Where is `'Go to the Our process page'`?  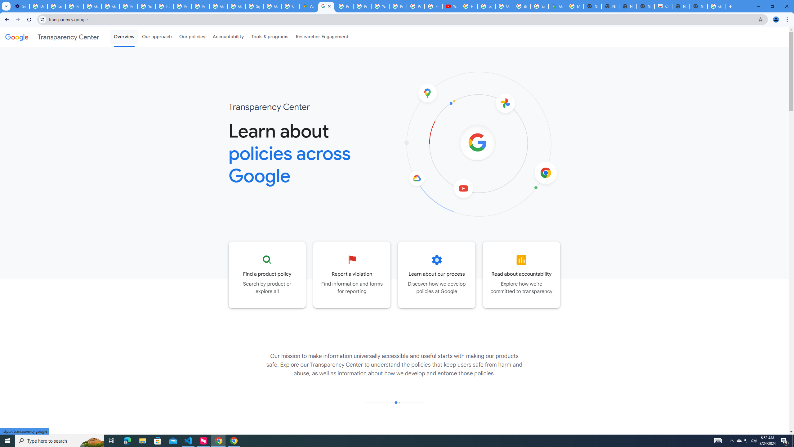 'Go to the Our process page' is located at coordinates (436, 274).